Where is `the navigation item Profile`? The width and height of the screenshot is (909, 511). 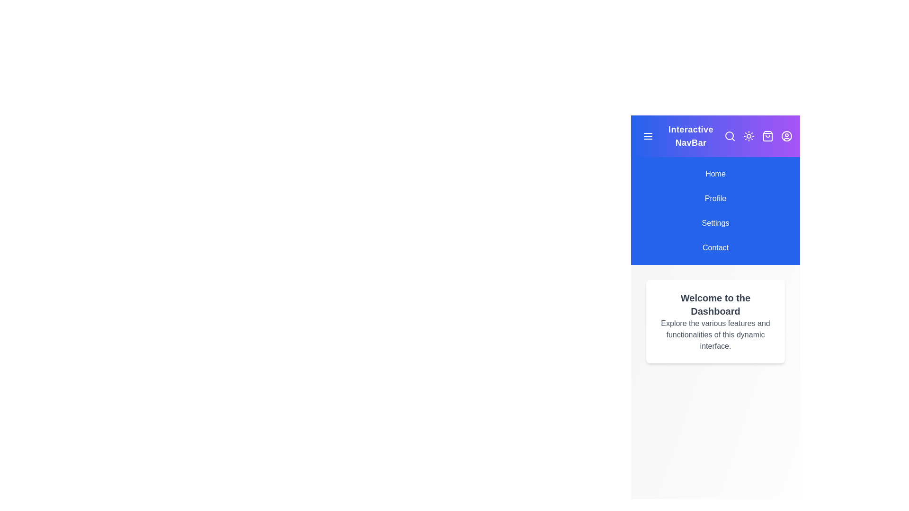
the navigation item Profile is located at coordinates (715, 198).